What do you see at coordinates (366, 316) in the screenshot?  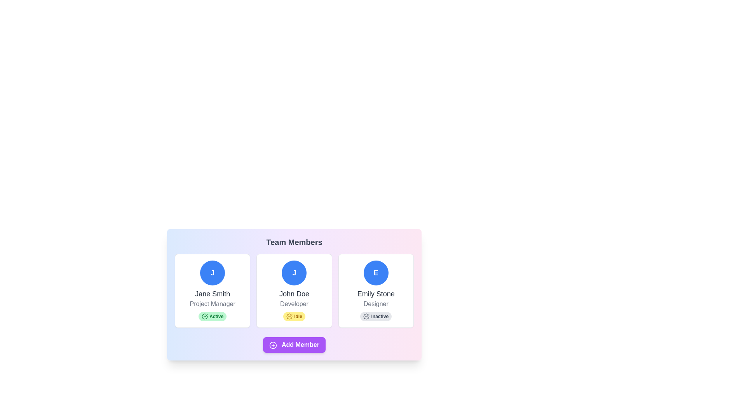 I see `the inactive status SVG icon located to the left of the 'Inactive' text within a gray rounded background at the bottom of the rightmost card in a three-card layout` at bounding box center [366, 316].